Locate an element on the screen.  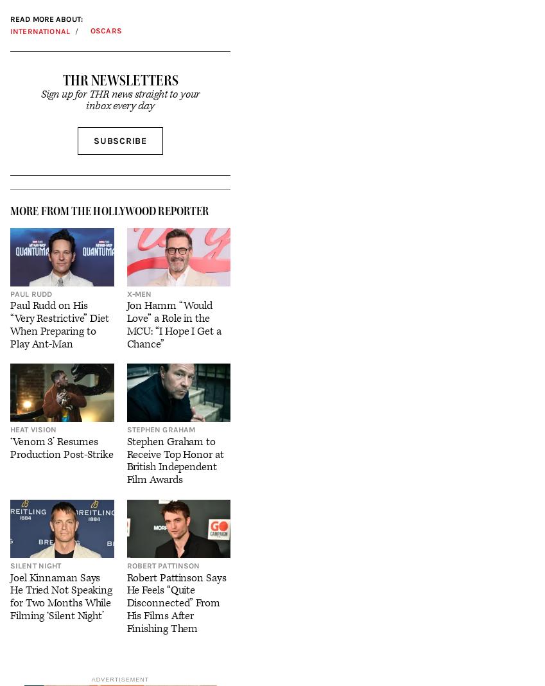
'Joel Kinnaman Says He Tried Not Speaking for Two Months While Filming ‘Silent Night’' is located at coordinates (60, 595).